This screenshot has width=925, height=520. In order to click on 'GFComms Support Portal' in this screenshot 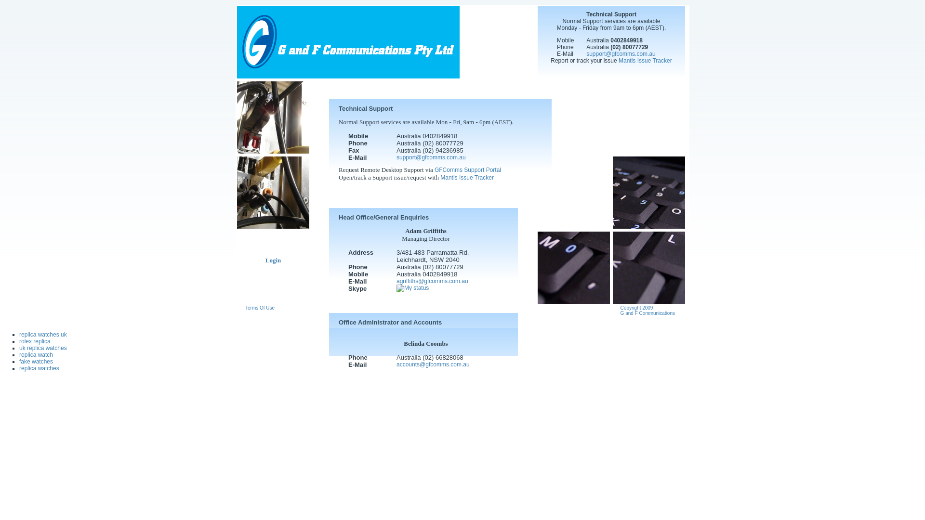, I will do `click(467, 169)`.